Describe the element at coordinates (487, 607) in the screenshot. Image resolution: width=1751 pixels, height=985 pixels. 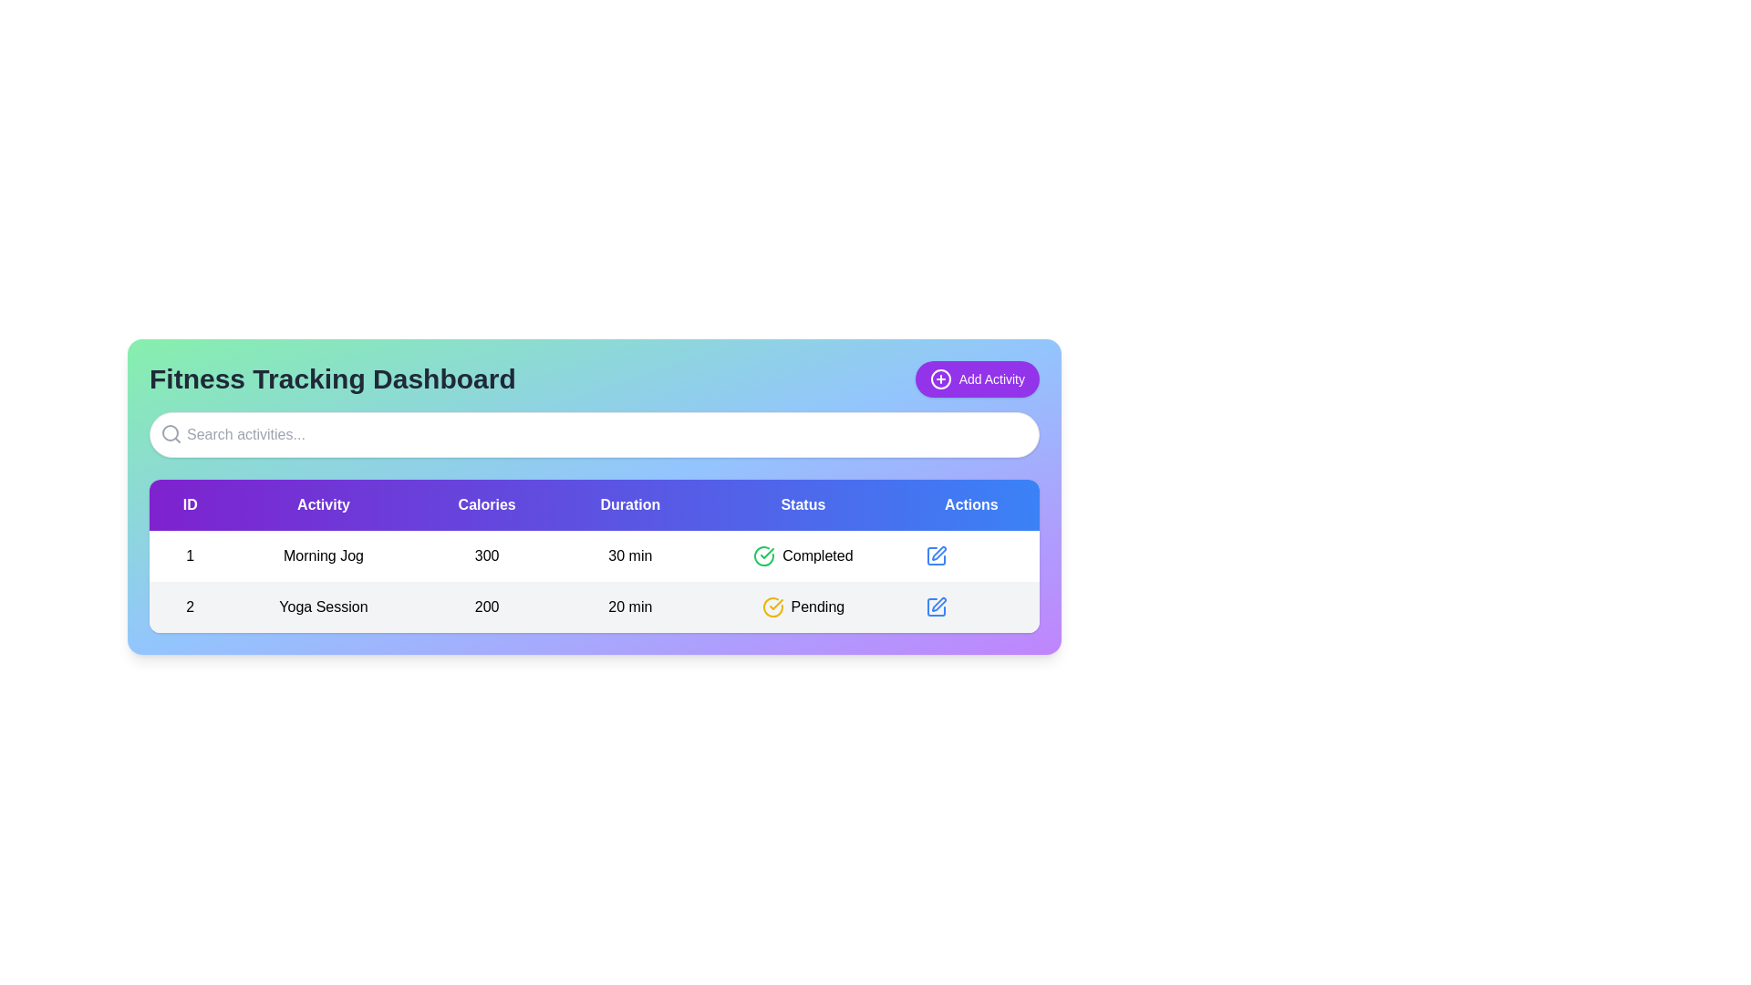
I see `the text display showing the number '200' in the second row of the table under 'Calories' and labeled 'Yoga Session'` at that location.